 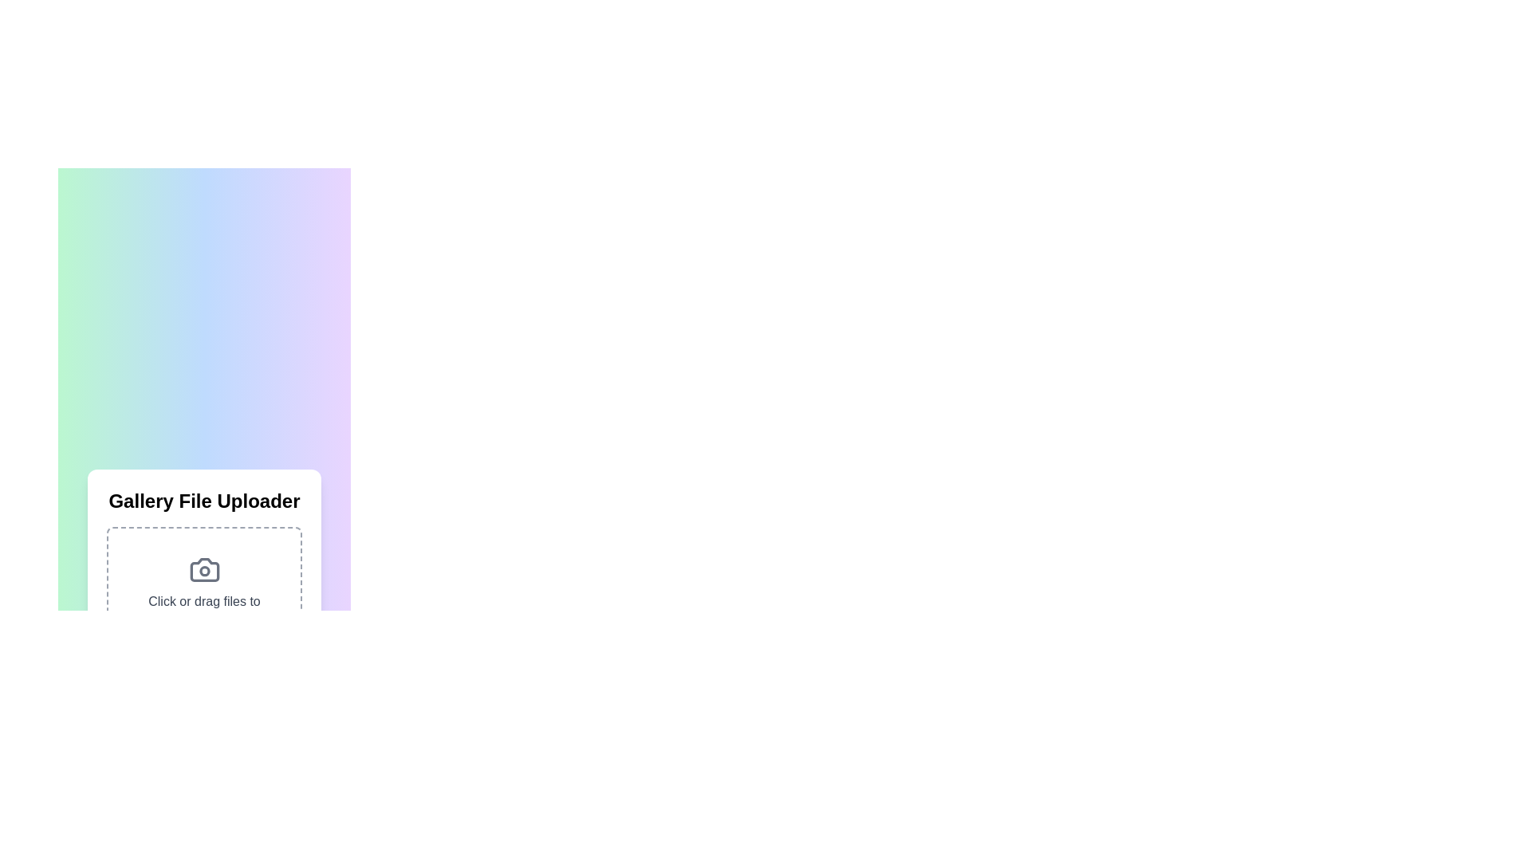 What do you see at coordinates (203, 568) in the screenshot?
I see `the camera icon, which symbolizes an option to upload photos or access the camera functionality, located in the lower portion of the interface` at bounding box center [203, 568].